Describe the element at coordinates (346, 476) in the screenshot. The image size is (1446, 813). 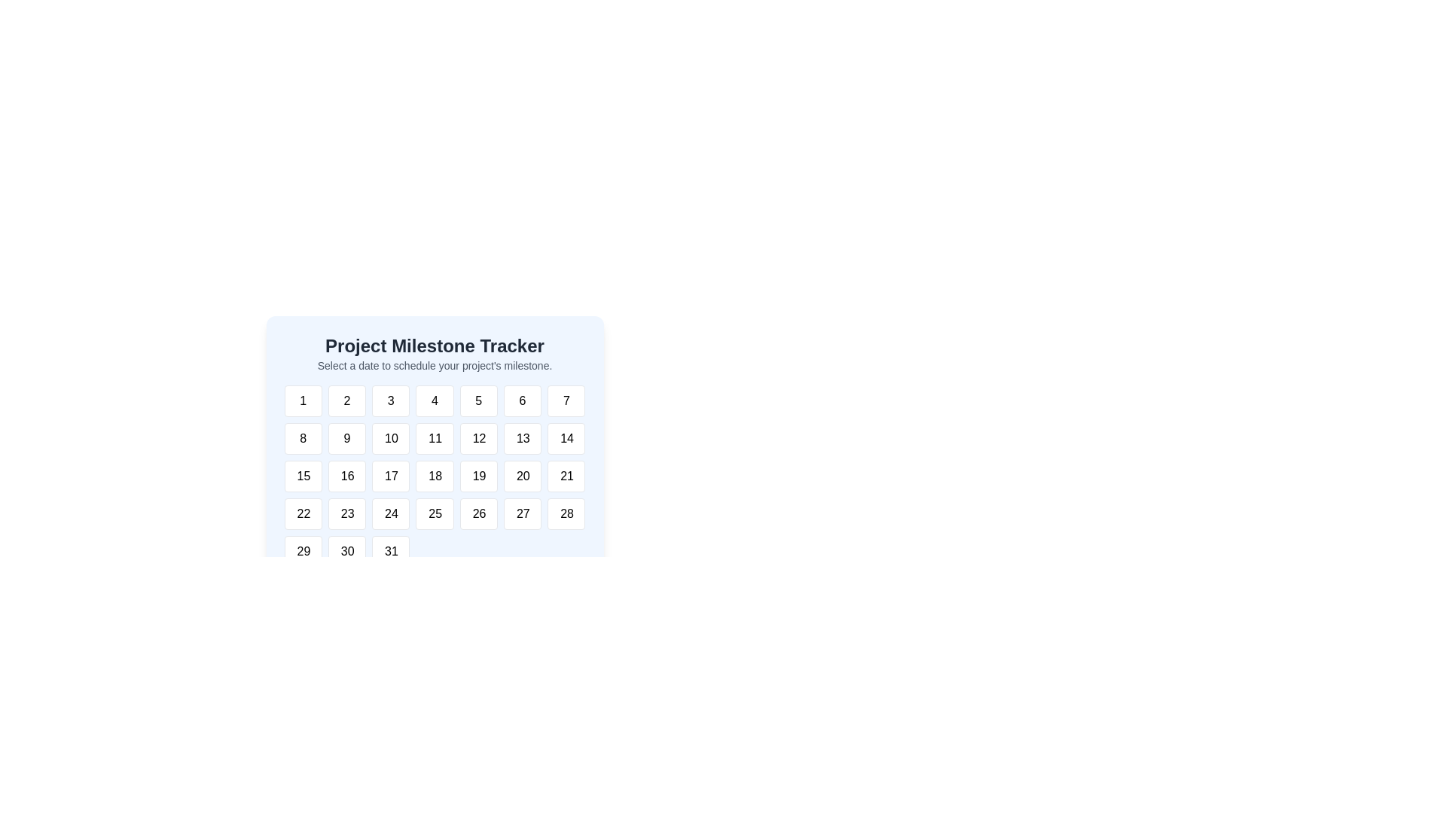
I see `the button in the fourth row and second column of the grid` at that location.